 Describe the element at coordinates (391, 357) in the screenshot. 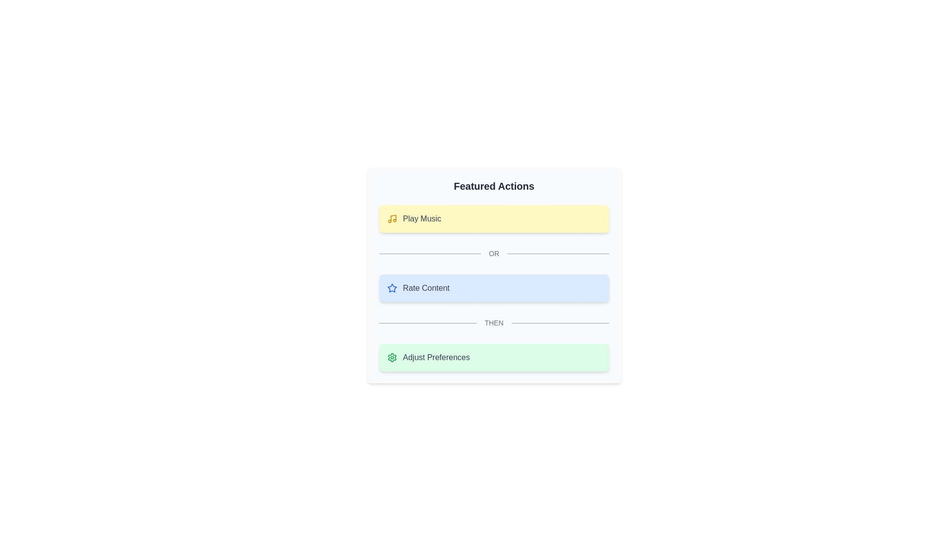

I see `the gear icon representing settings, located in the lower section of the interface next to the 'Adjust Preferences' text` at that location.